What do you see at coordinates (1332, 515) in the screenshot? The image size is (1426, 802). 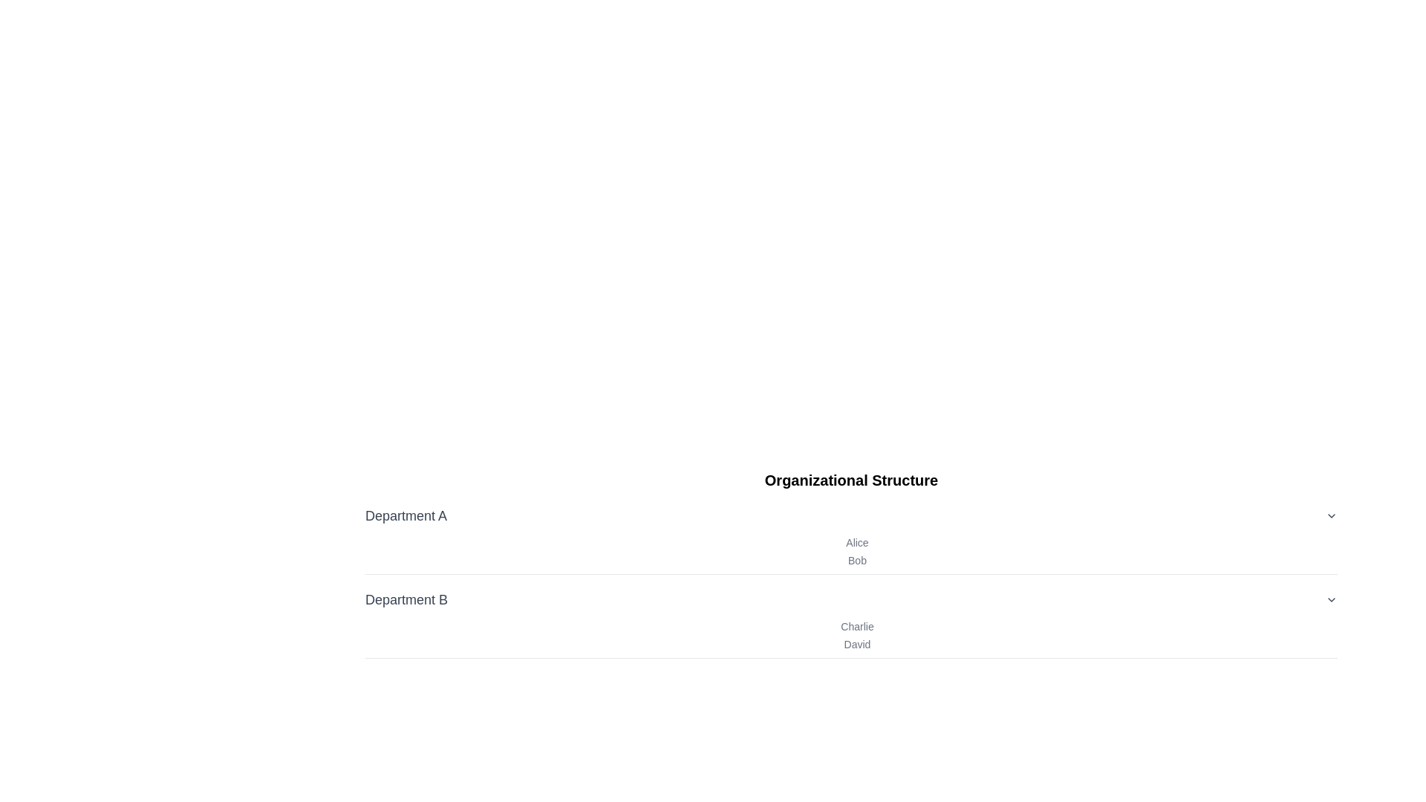 I see `the downward-pointing chevron arrow icon located to the right of the text 'Department A'` at bounding box center [1332, 515].